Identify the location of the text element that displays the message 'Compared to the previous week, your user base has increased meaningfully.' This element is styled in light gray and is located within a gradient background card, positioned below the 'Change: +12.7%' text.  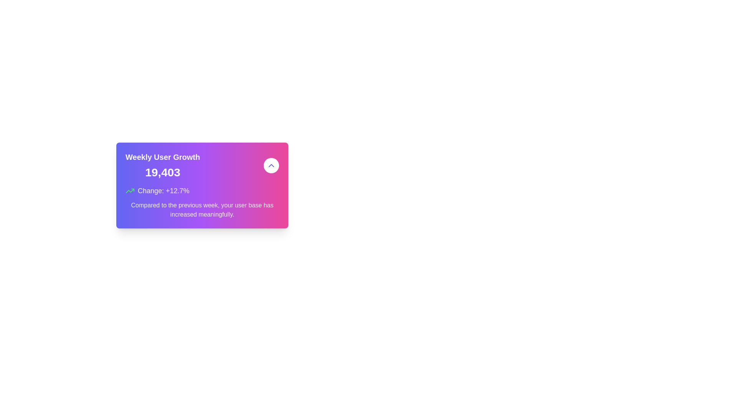
(202, 210).